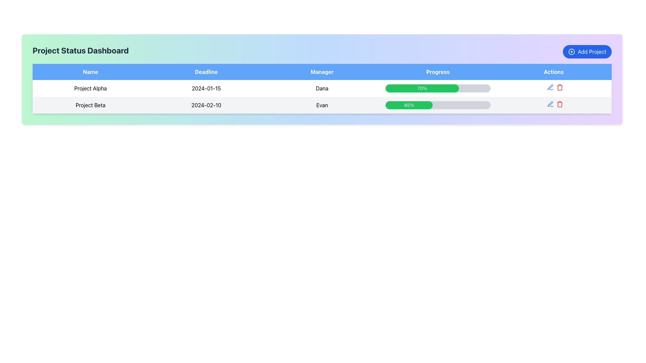  Describe the element at coordinates (560, 87) in the screenshot. I see `the red trash can icon located in the 'Actions' column of the second row for the 'Project Beta' entry` at that location.